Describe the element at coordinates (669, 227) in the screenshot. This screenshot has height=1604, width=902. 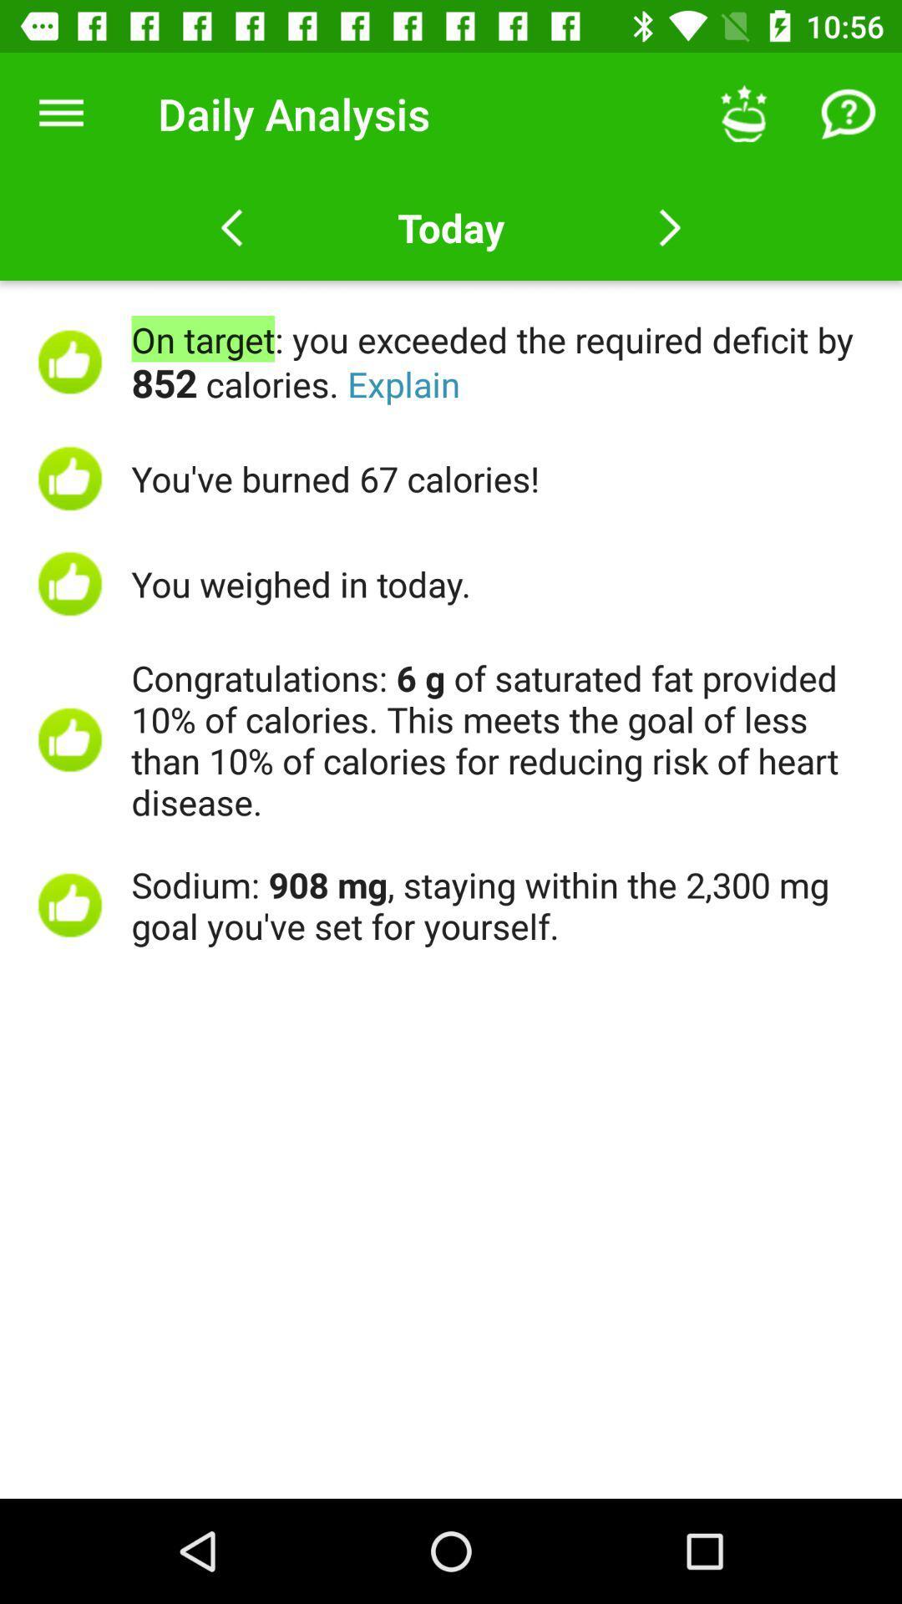
I see `the arrow_forward icon` at that location.